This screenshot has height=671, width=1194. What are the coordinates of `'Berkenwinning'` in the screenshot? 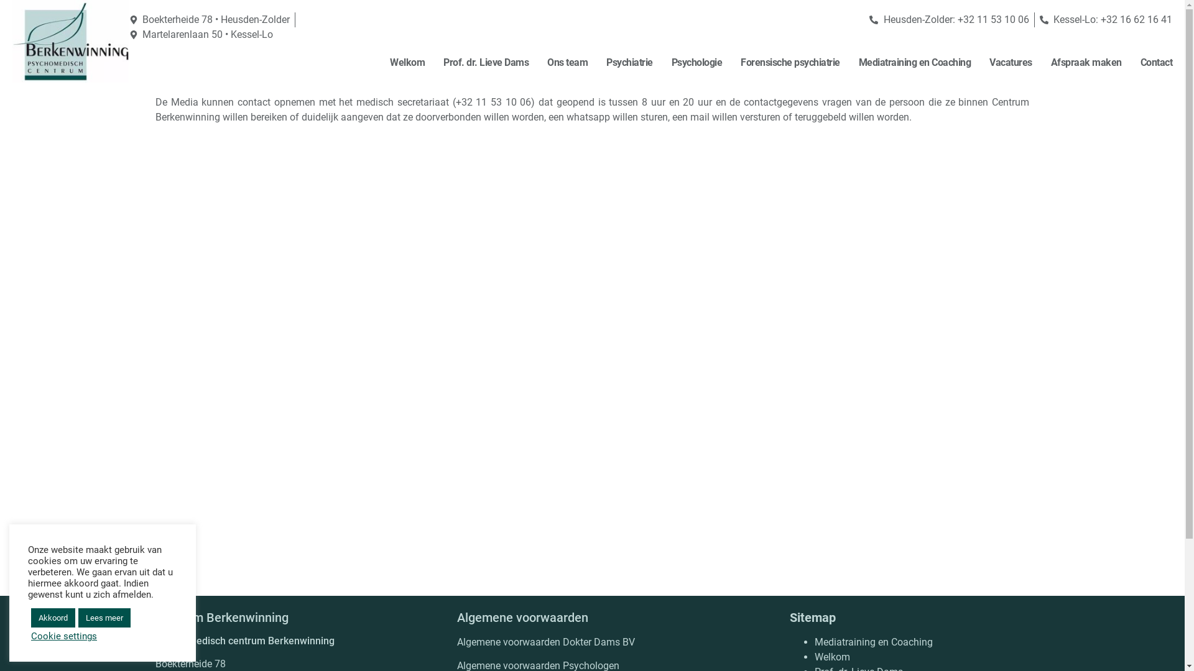 It's located at (70, 40).